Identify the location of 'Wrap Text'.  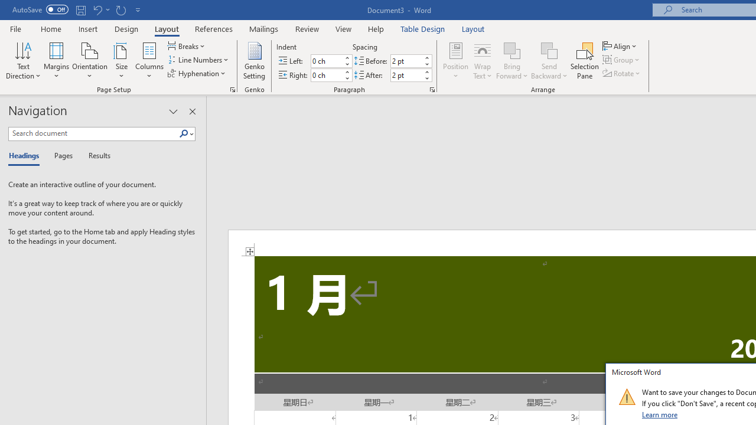
(483, 61).